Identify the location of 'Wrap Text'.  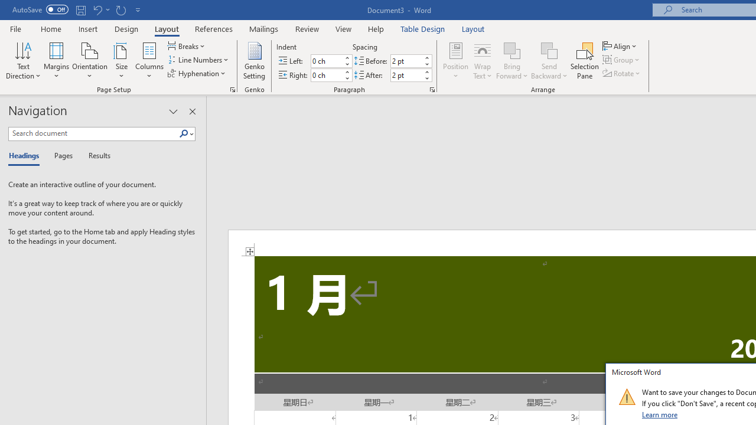
(483, 61).